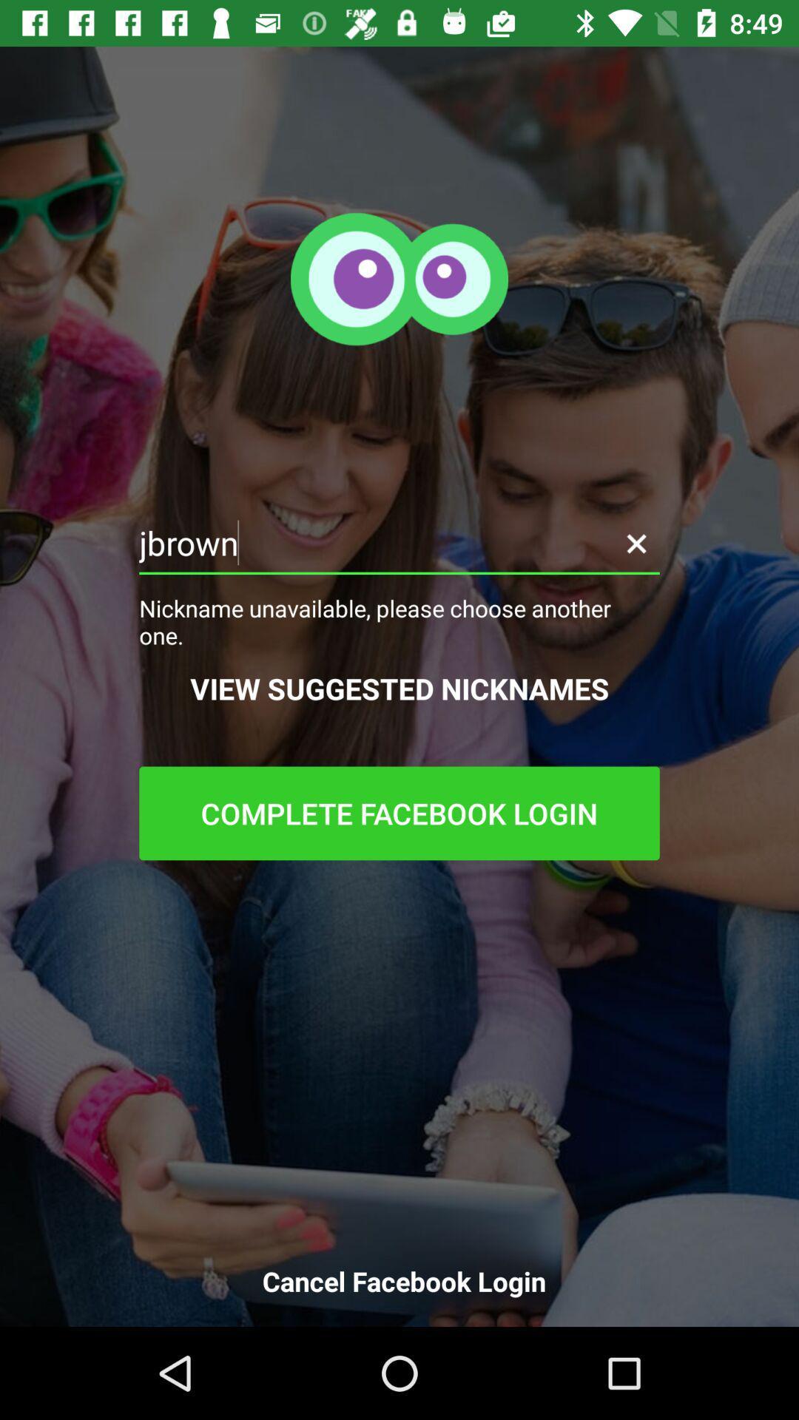 This screenshot has width=799, height=1420. What do you see at coordinates (399, 542) in the screenshot?
I see `the icon above nickname unavailable please` at bounding box center [399, 542].